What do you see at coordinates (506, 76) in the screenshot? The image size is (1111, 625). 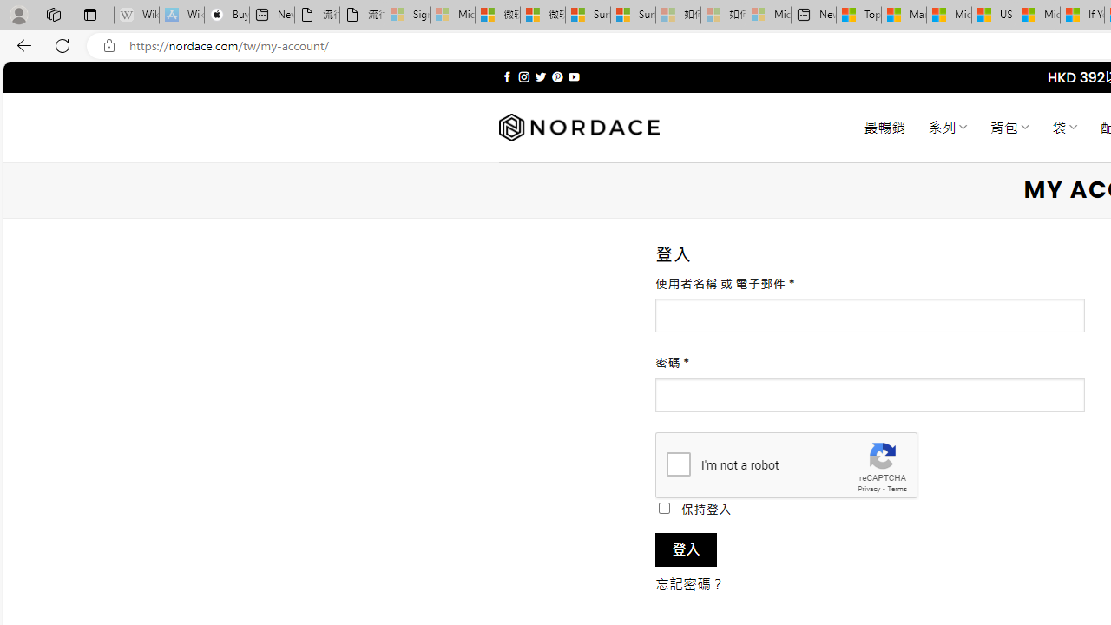 I see `'Follow on Facebook'` at bounding box center [506, 76].